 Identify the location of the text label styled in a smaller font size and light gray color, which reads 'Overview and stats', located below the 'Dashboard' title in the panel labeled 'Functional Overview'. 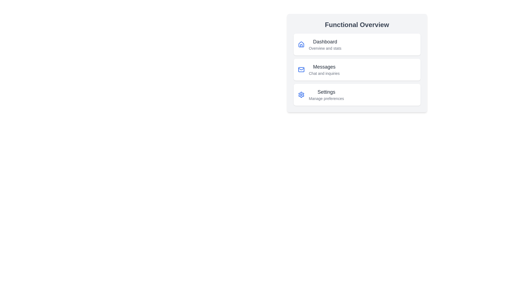
(325, 48).